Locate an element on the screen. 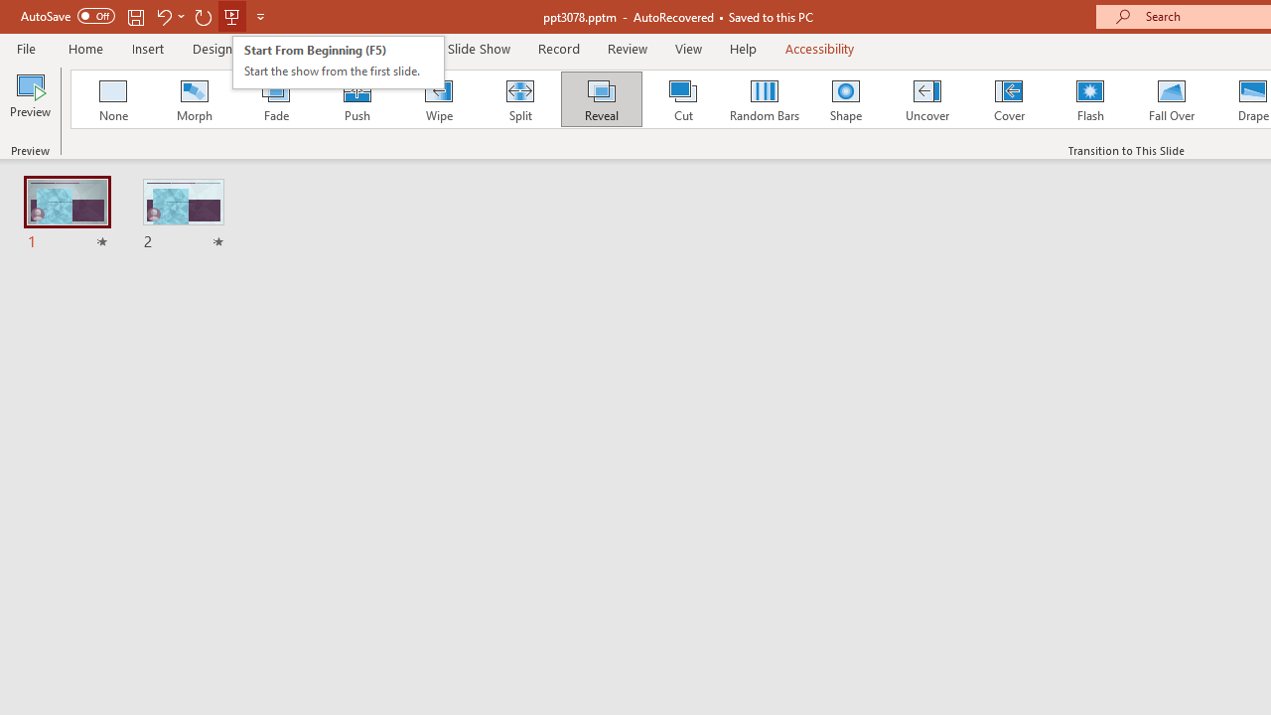 This screenshot has height=715, width=1271. 'Random Bars' is located at coordinates (764, 99).